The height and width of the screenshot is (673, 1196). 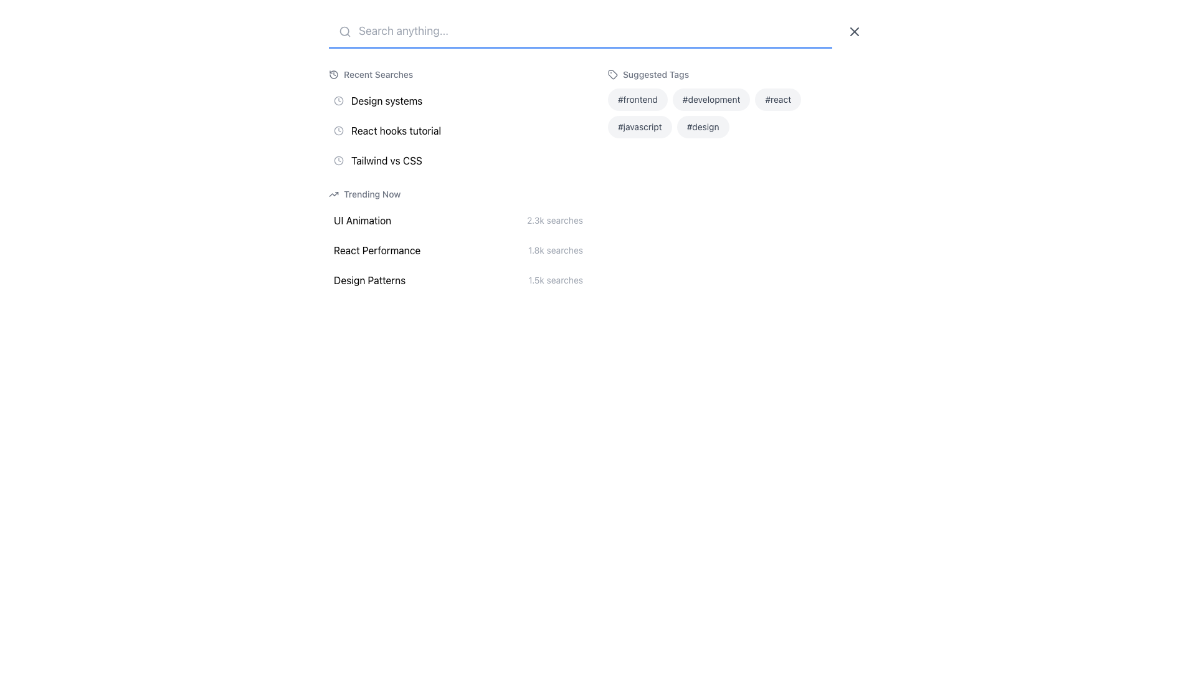 What do you see at coordinates (554, 220) in the screenshot?
I see `the informational label displaying '2.3k searches' positioned to the right of the 'UI Animation' text in the 'Trending Now' section` at bounding box center [554, 220].